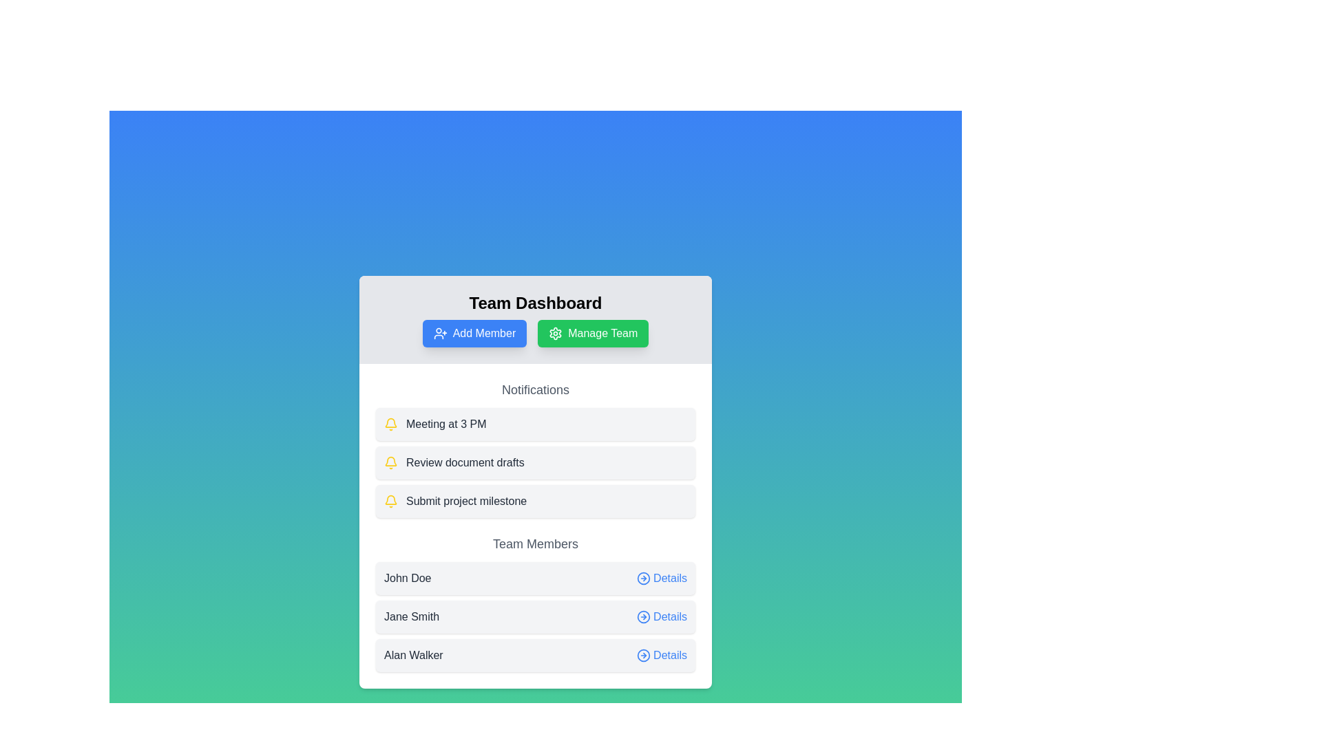  Describe the element at coordinates (662, 616) in the screenshot. I see `the 'Details' text button with an integrated icon, styled in blue, located to the far right of the 'Team Members' section, specifically the second 'Details' button below 'John Doe'` at that location.